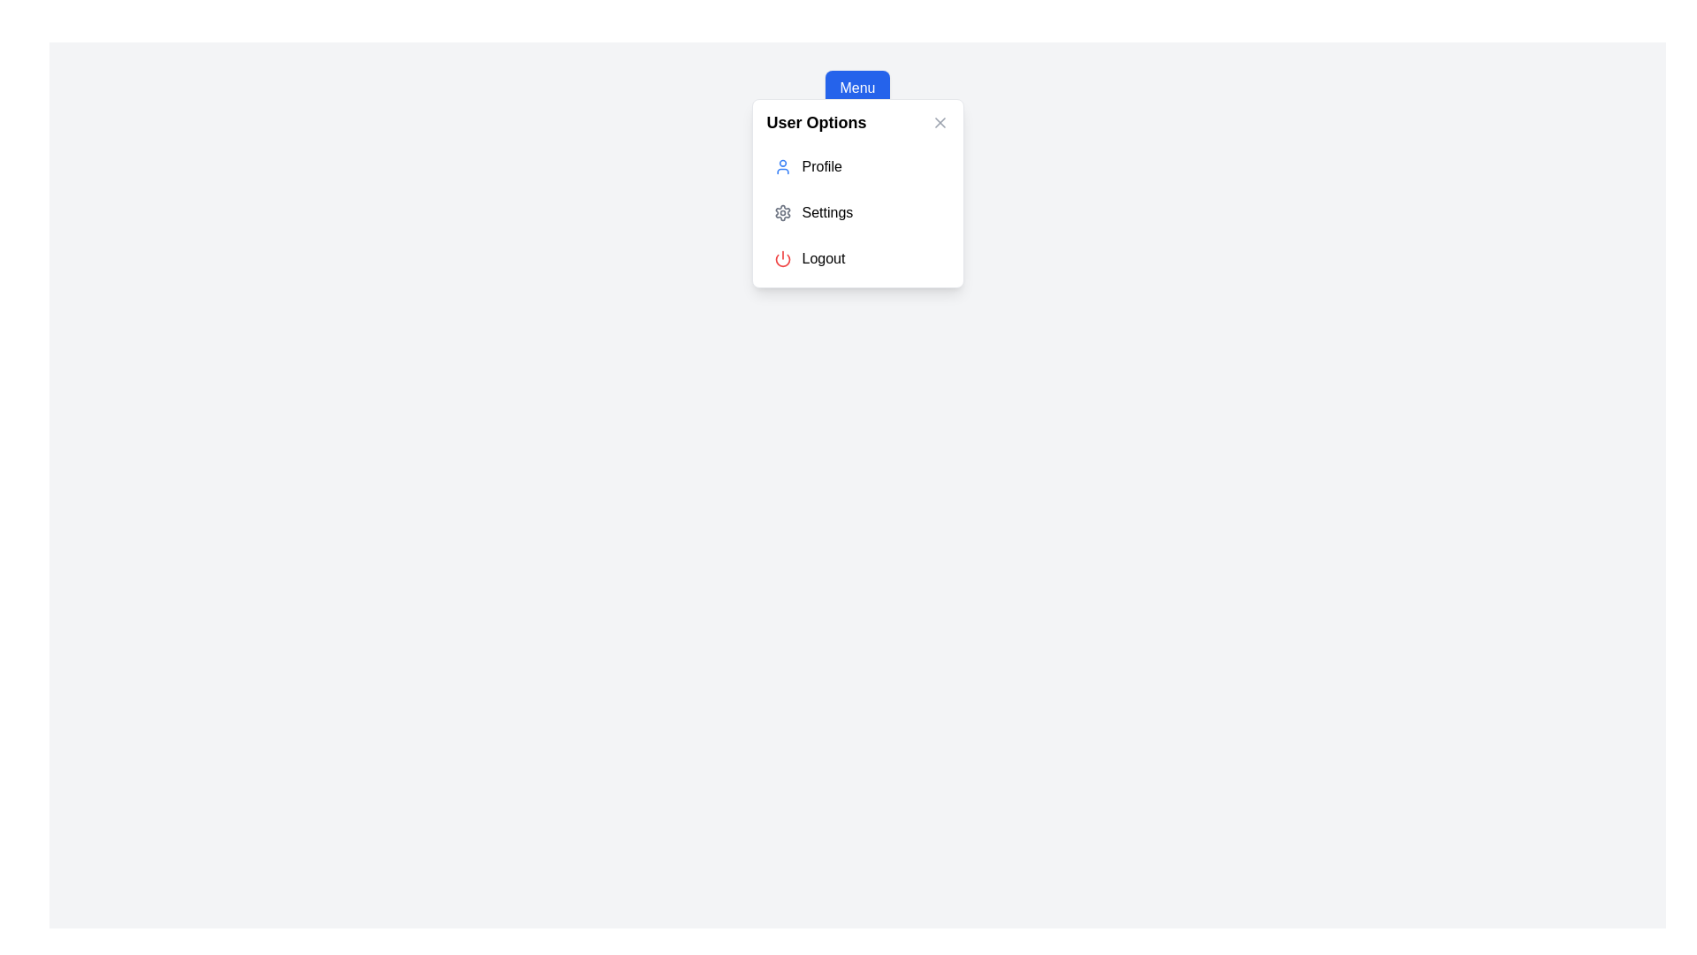 This screenshot has width=1697, height=955. Describe the element at coordinates (939, 121) in the screenshot. I see `the close button icon for the 'User Options' dropdown menu located in the top-right corner, next to the title text` at that location.